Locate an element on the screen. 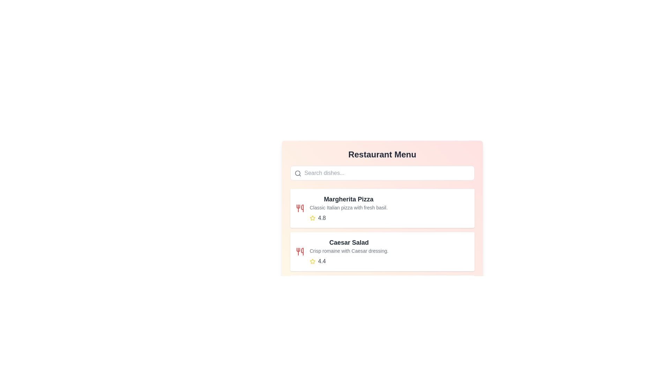 This screenshot has width=670, height=377. the star-shaped yellow icon located is located at coordinates (312, 217).